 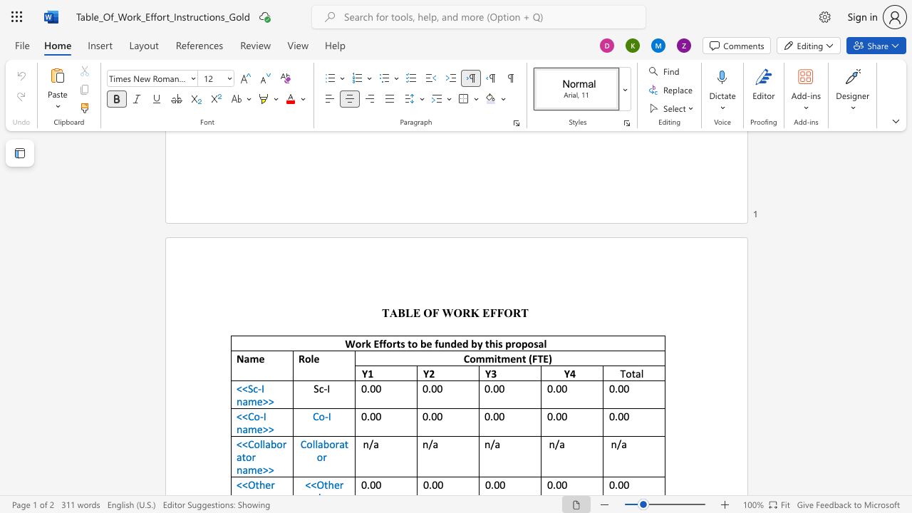 I want to click on the space between the continuous character "n" and "a" in the text, so click(x=242, y=428).